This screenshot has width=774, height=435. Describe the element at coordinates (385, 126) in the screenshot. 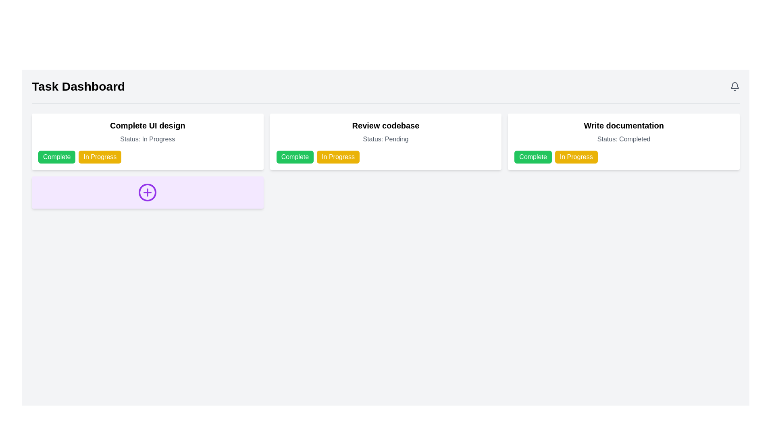

I see `the Text Label that serves as a title or label for the central card in a three-card horizontal layout` at that location.